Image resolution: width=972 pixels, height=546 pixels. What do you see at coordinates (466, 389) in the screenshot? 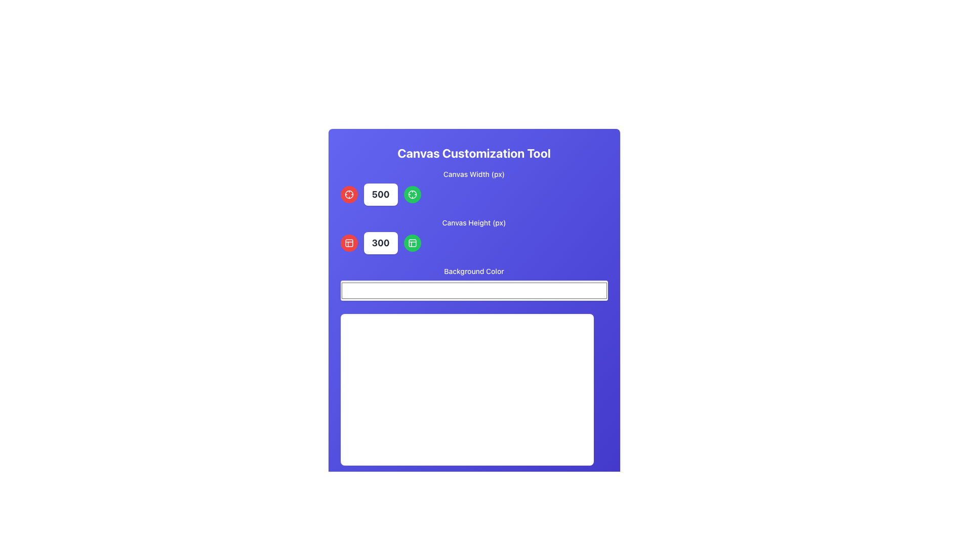
I see `the rectangular white content box with rounded corners, located below the 'Background Color' selection field in the Canvas Customization Tool interface` at bounding box center [466, 389].